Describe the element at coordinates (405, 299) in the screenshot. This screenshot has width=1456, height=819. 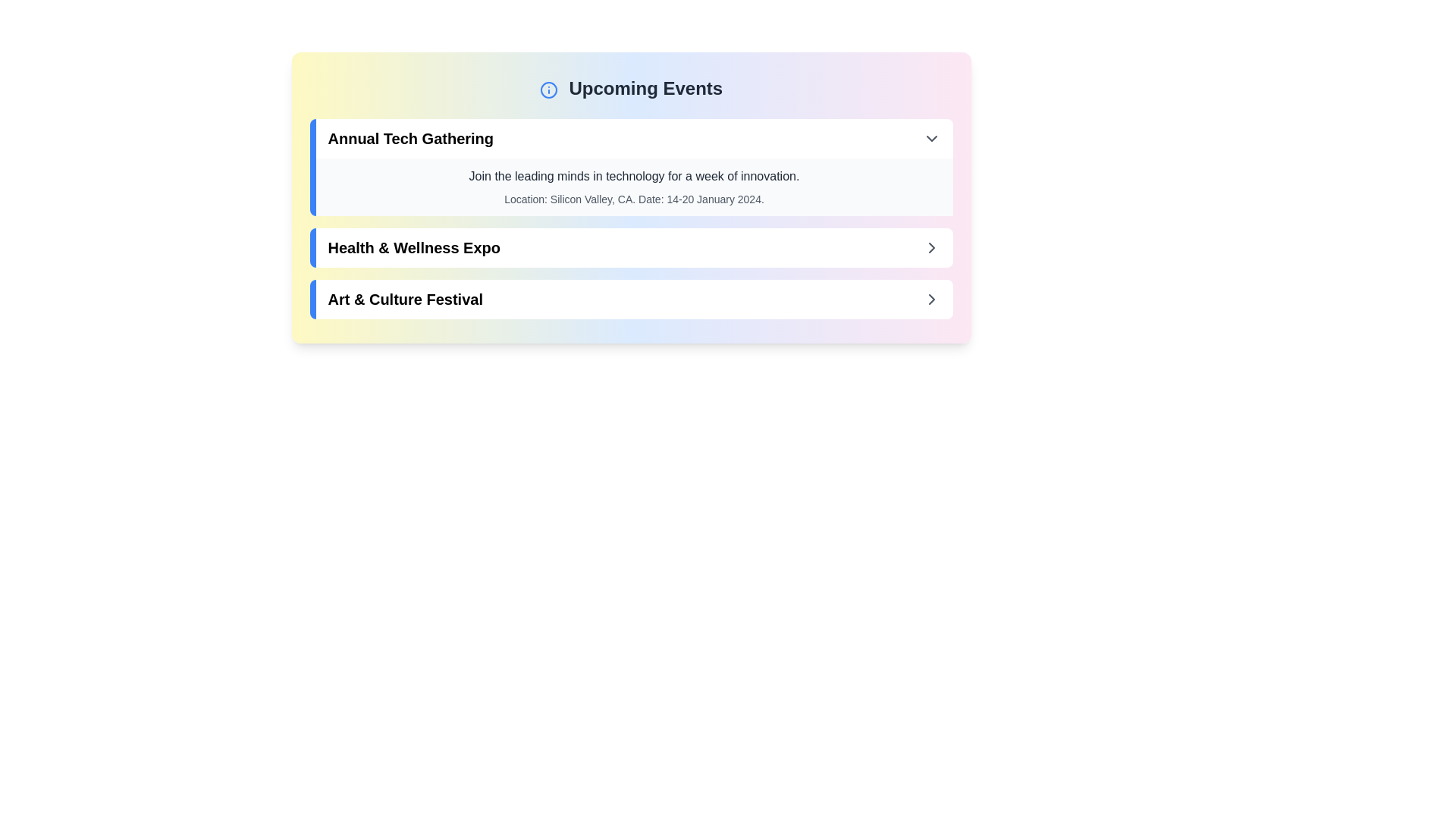
I see `text label displaying 'Art & Culture Festival', which is the third item in the list of upcoming events under the header 'Upcoming Events'` at that location.